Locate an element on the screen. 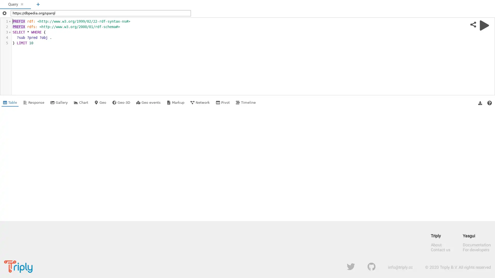 The width and height of the screenshot is (495, 278). Shows Response view is located at coordinates (33, 103).